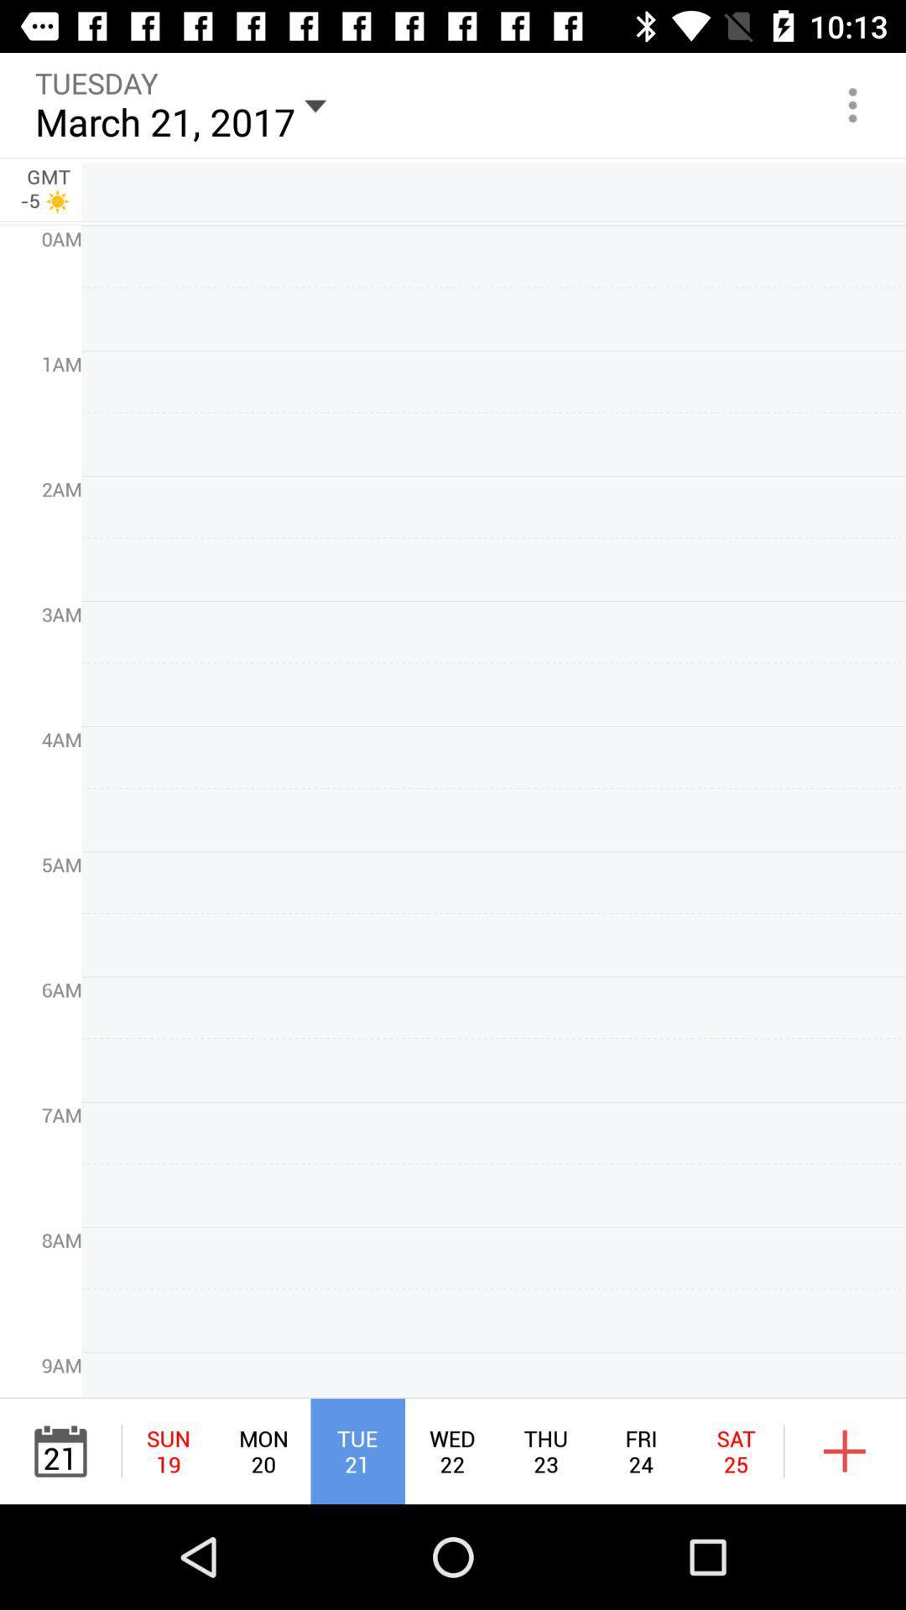 This screenshot has width=906, height=1610. I want to click on the more icon, so click(853, 104).